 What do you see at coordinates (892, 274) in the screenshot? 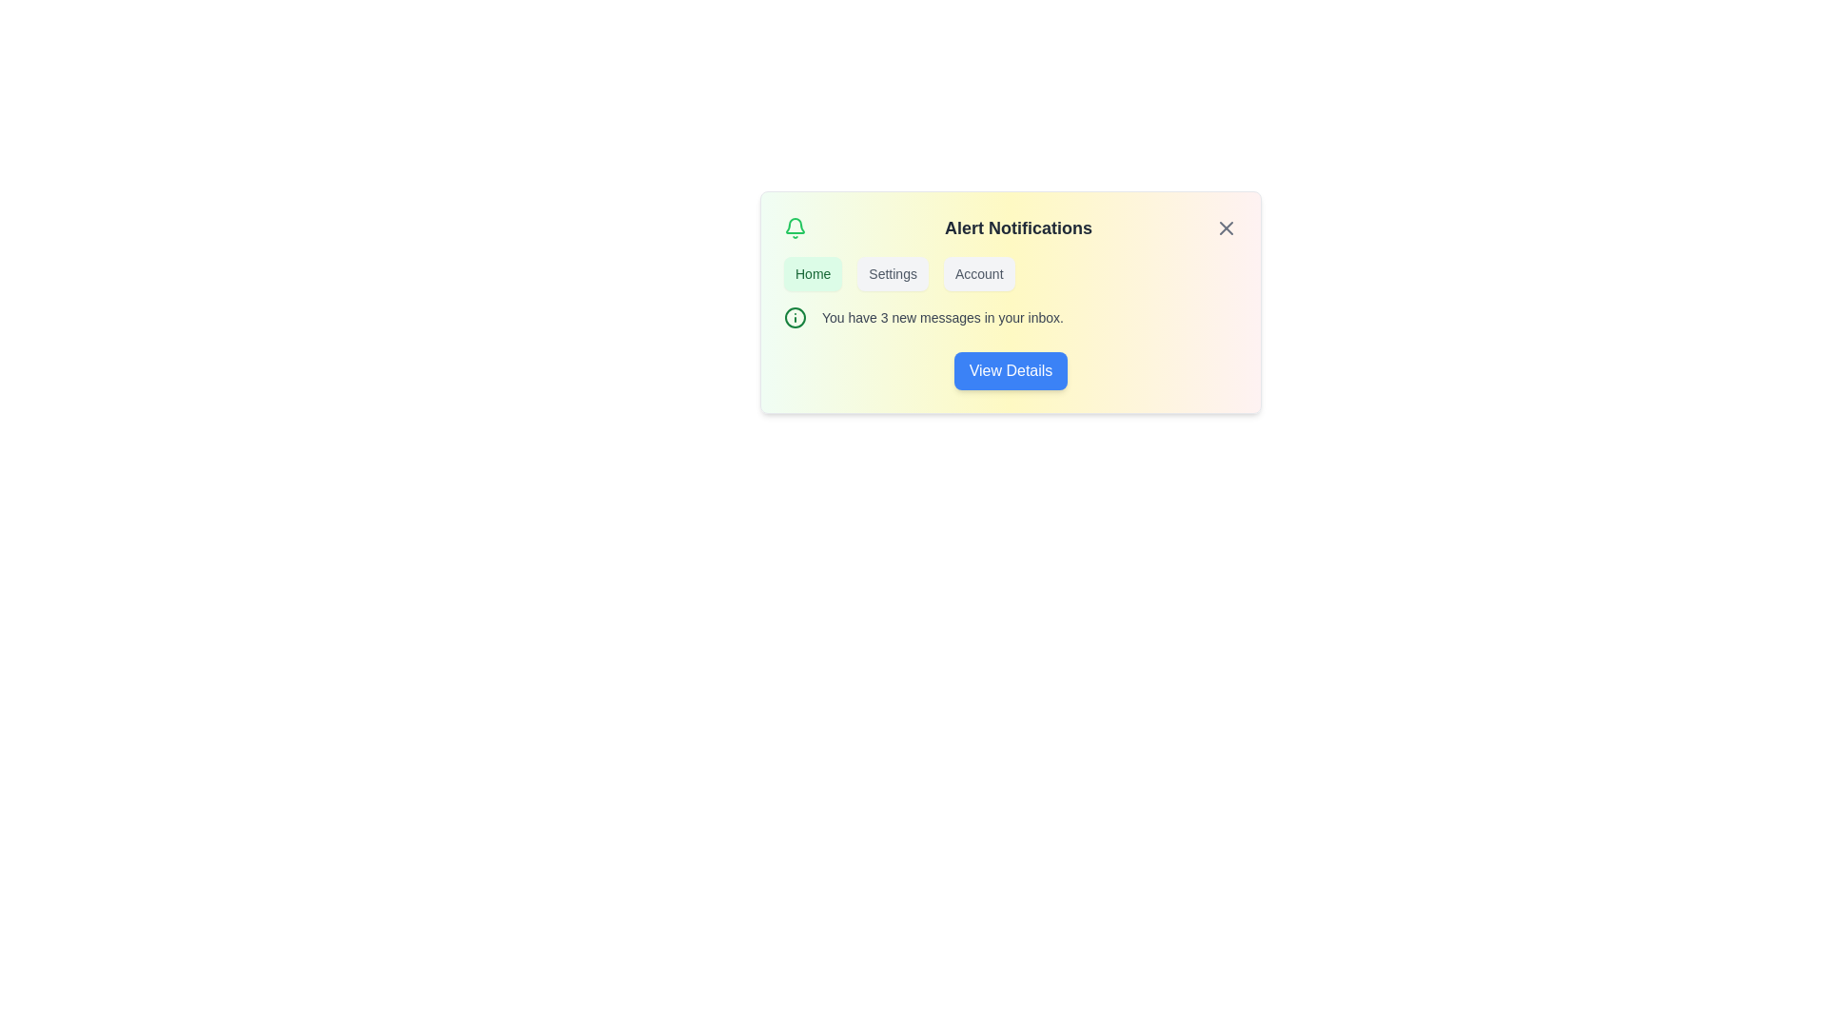
I see `the Settings tab` at bounding box center [892, 274].